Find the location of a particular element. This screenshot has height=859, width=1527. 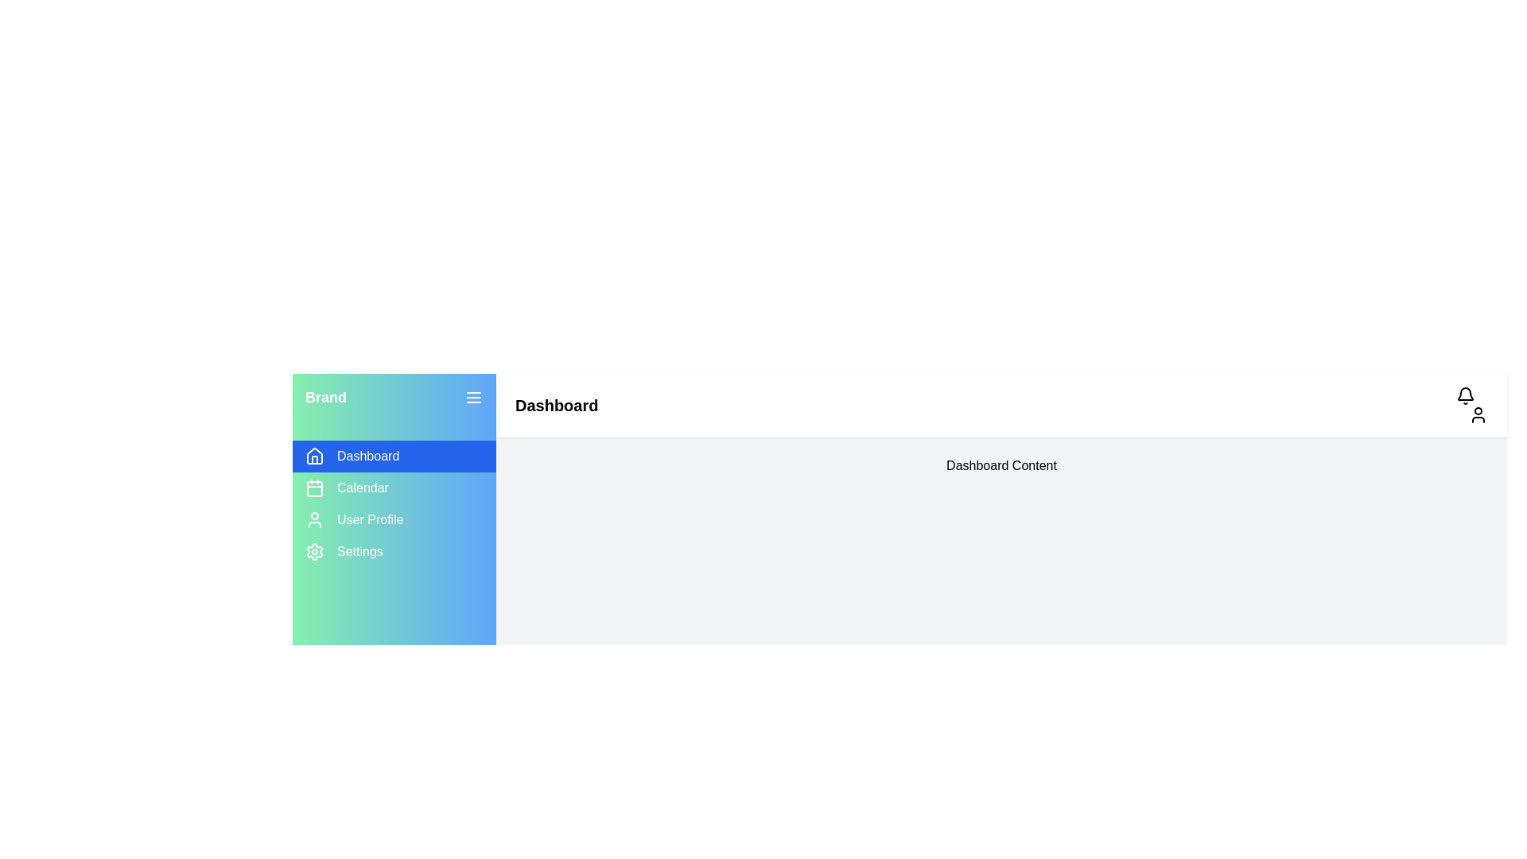

the notification bell icon located in the top-right corner of the interface is located at coordinates (1465, 395).